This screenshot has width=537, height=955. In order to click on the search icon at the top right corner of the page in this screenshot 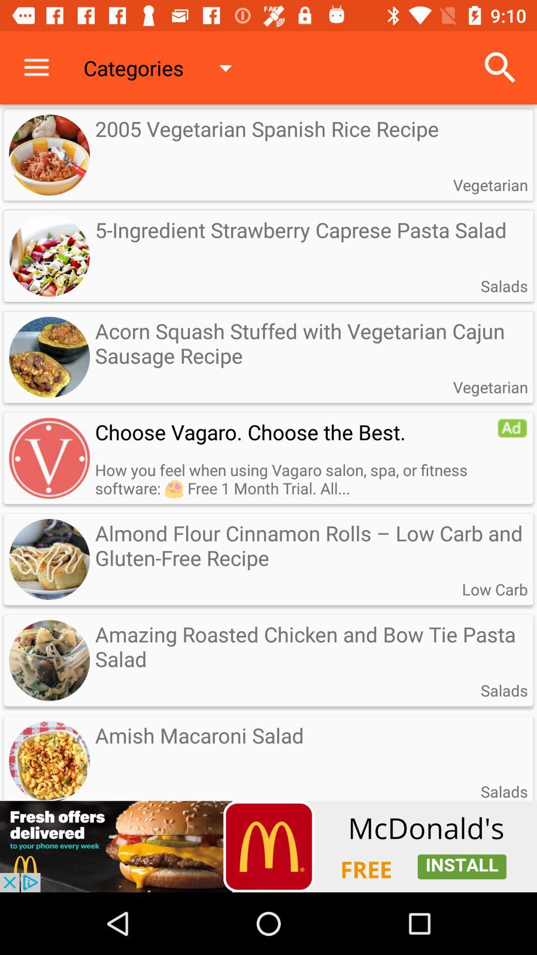, I will do `click(500, 68)`.